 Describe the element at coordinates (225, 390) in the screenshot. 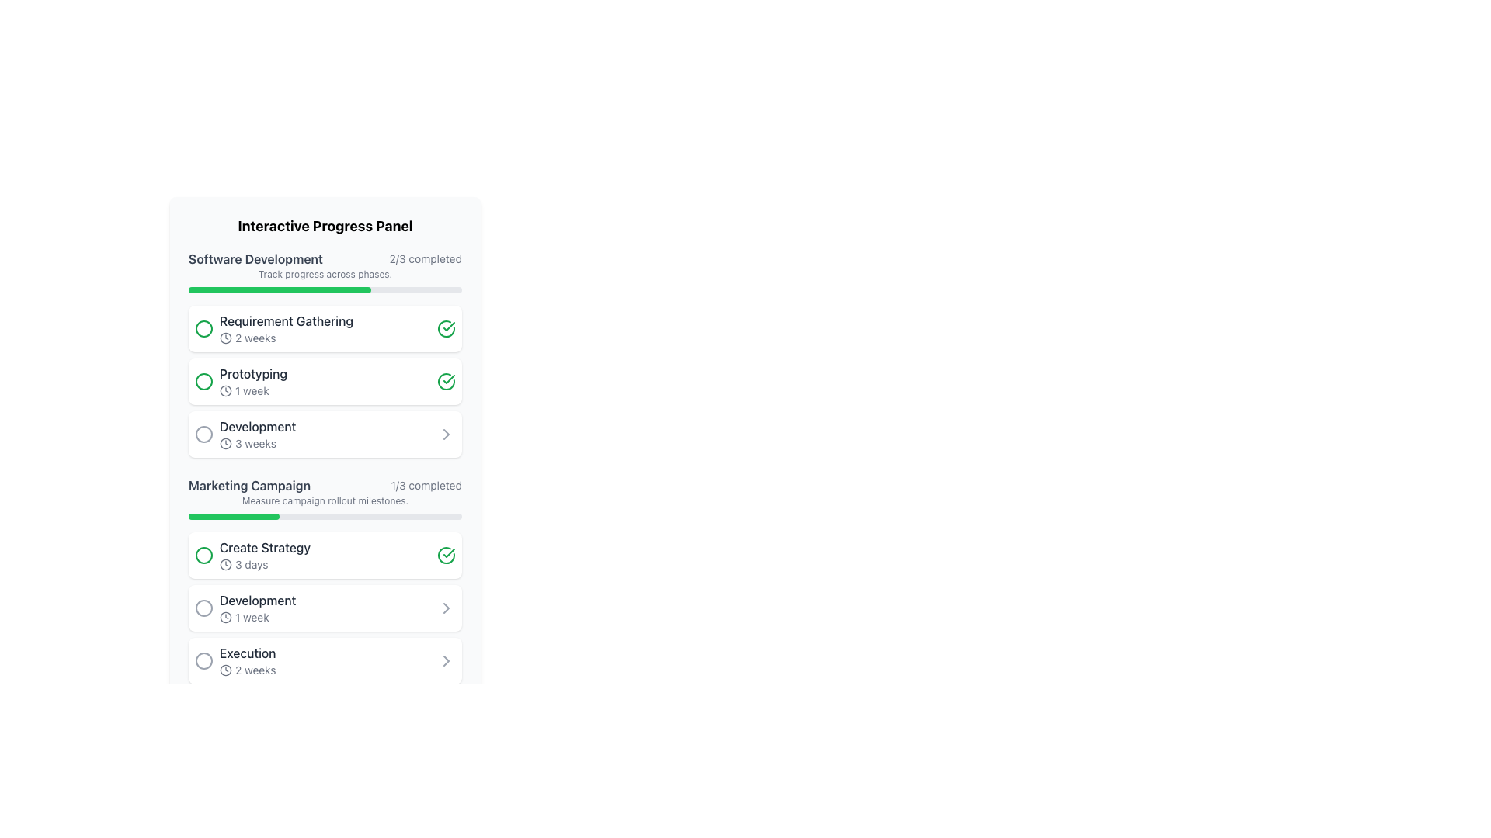

I see `the SVG Circle Element that represents the clock icon in the 'Interactive Progress Panel' under the 'Prototyping' task item in the 'Software Development' category` at that location.